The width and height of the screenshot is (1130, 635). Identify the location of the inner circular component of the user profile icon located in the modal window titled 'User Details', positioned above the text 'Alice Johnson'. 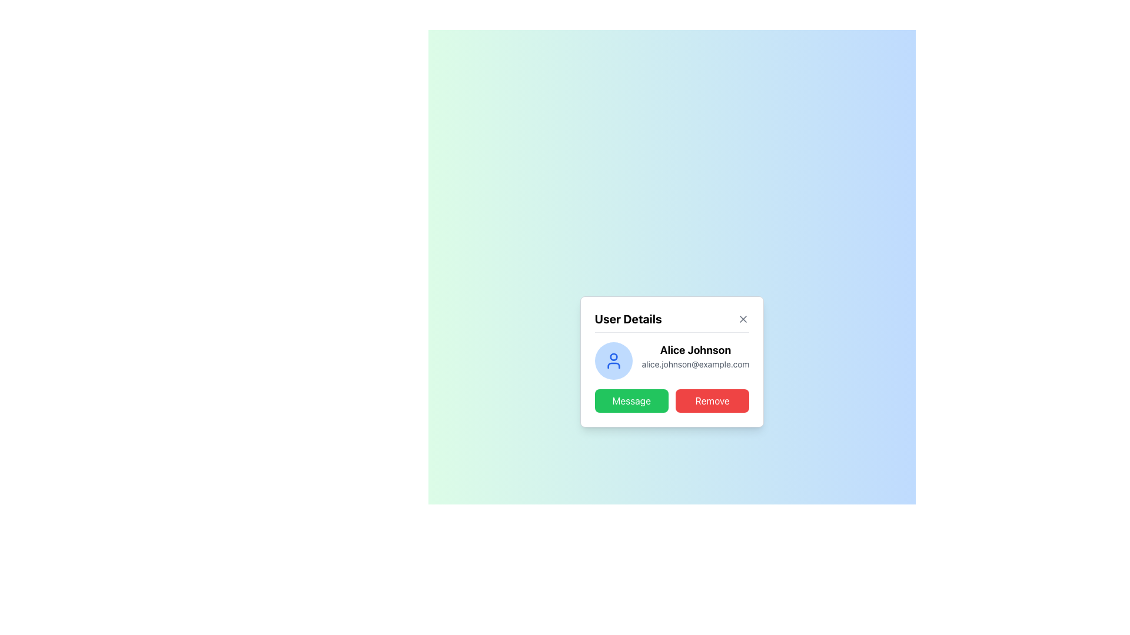
(613, 356).